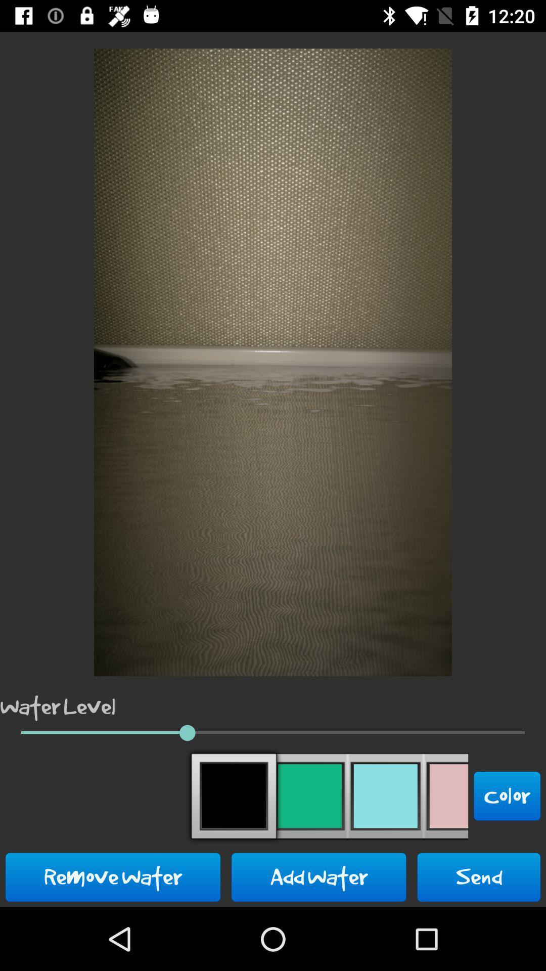 The height and width of the screenshot is (971, 546). Describe the element at coordinates (113, 876) in the screenshot. I see `the icon next to add water button` at that location.